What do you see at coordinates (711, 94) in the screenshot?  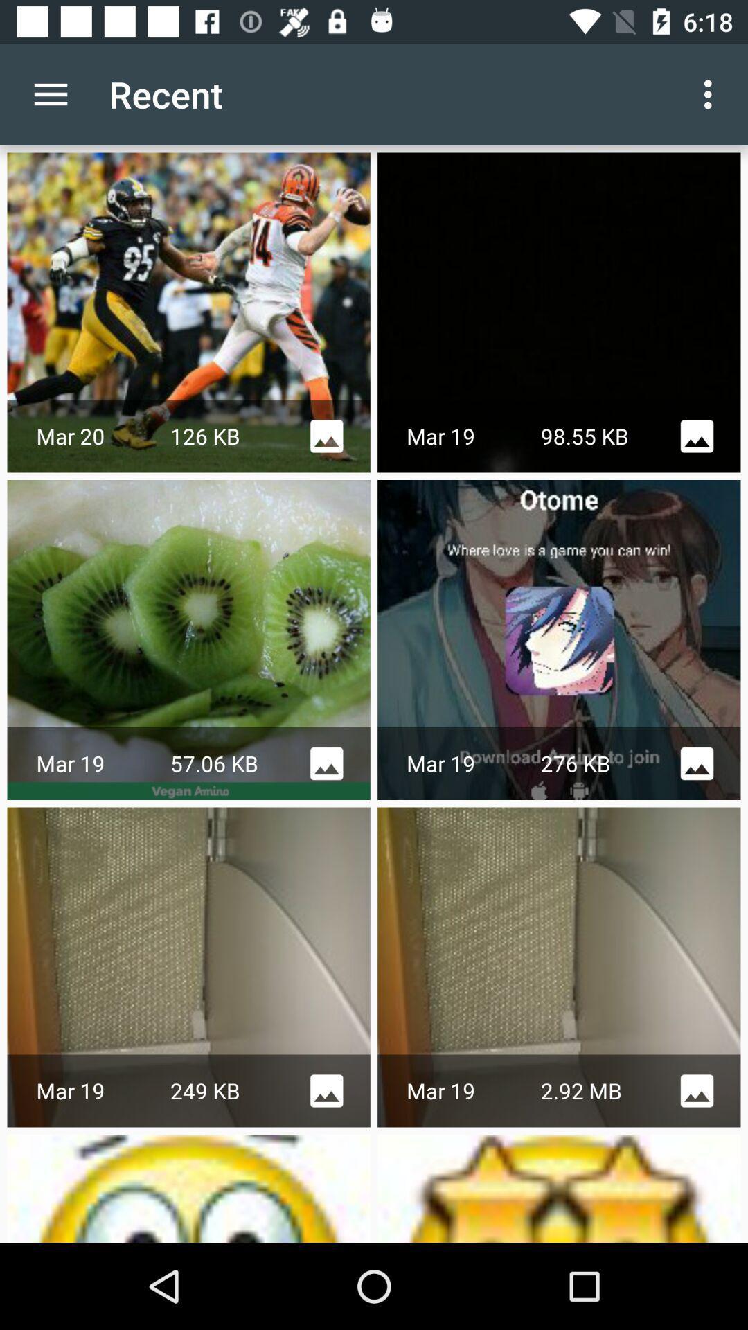 I see `the app next to the recent` at bounding box center [711, 94].